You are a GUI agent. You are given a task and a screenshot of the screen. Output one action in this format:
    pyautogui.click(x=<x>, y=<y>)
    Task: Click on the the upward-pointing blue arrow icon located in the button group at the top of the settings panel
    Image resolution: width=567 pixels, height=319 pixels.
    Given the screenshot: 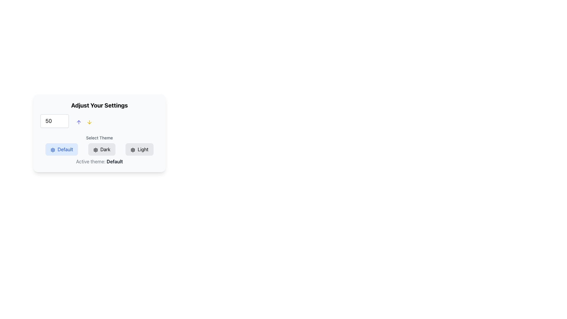 What is the action you would take?
    pyautogui.click(x=79, y=122)
    